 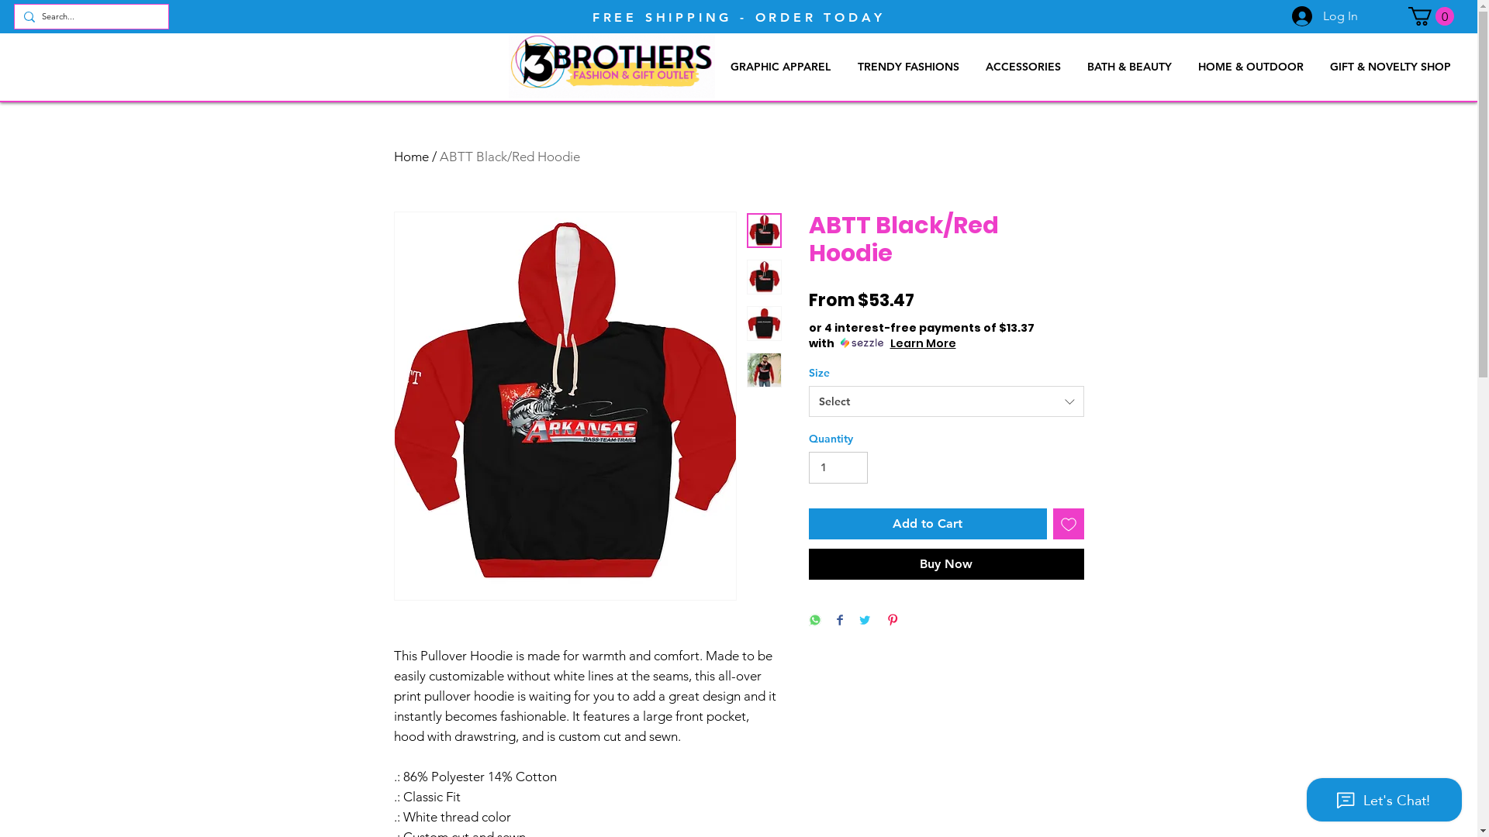 What do you see at coordinates (1250, 65) in the screenshot?
I see `'HOME & OUTDOOR'` at bounding box center [1250, 65].